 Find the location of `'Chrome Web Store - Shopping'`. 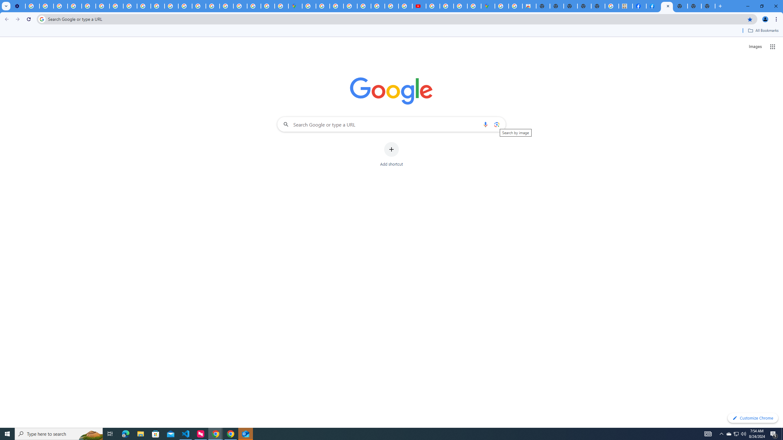

'Chrome Web Store - Shopping' is located at coordinates (529, 6).